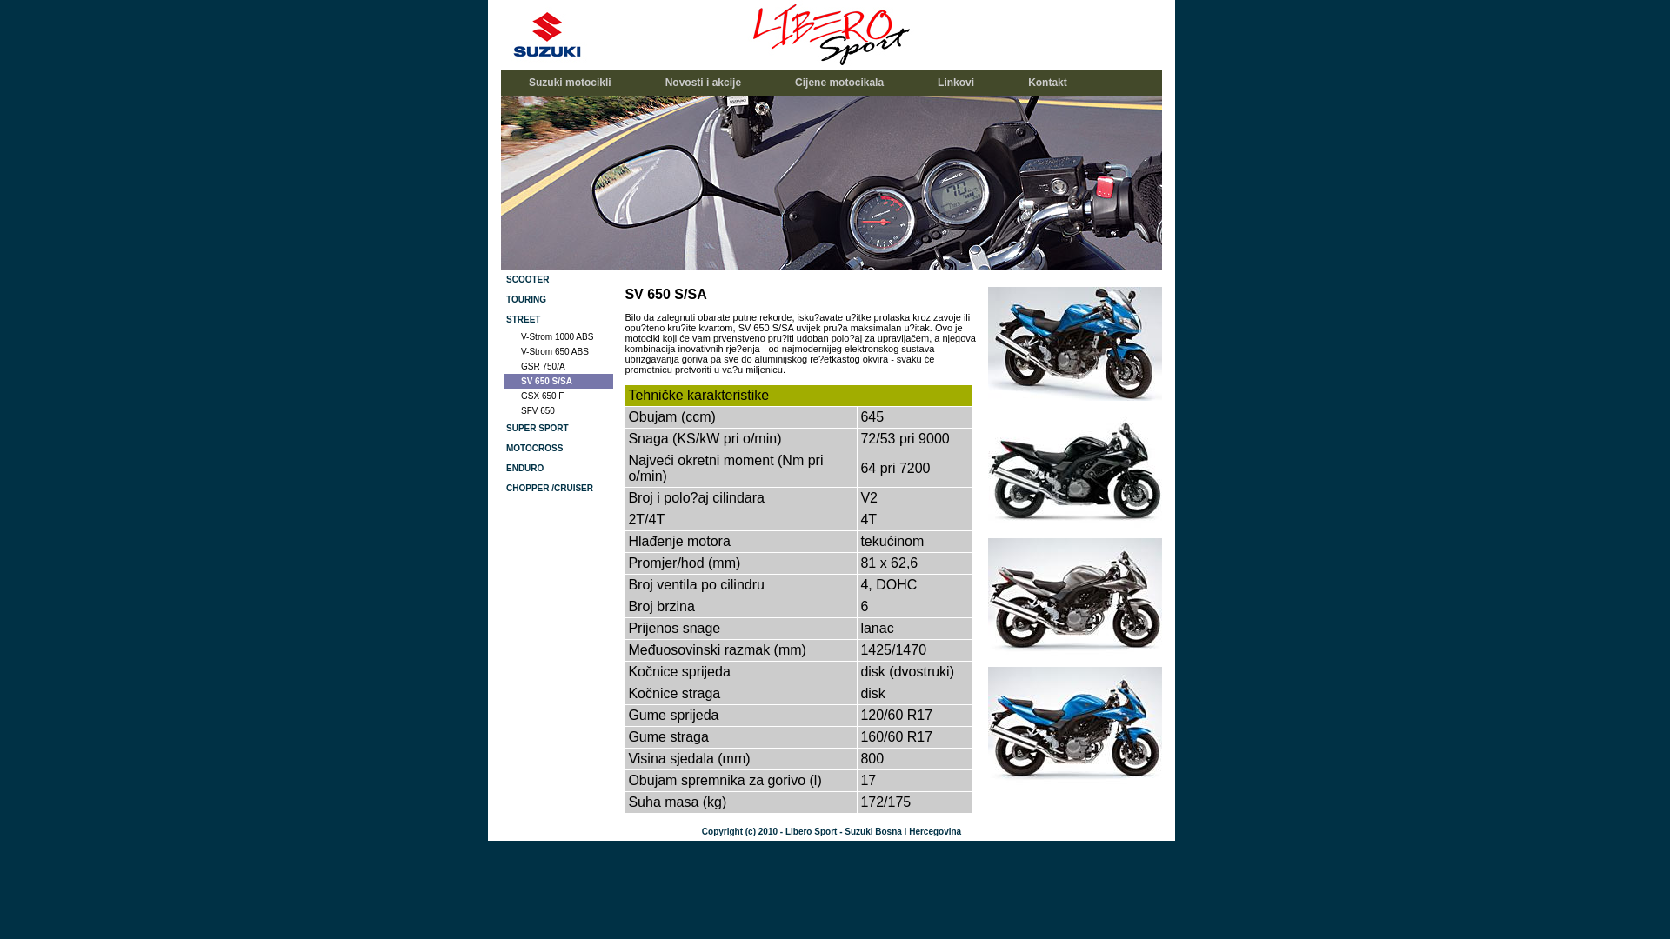  Describe the element at coordinates (503, 488) in the screenshot. I see `'CHOPPER /CRUISER'` at that location.